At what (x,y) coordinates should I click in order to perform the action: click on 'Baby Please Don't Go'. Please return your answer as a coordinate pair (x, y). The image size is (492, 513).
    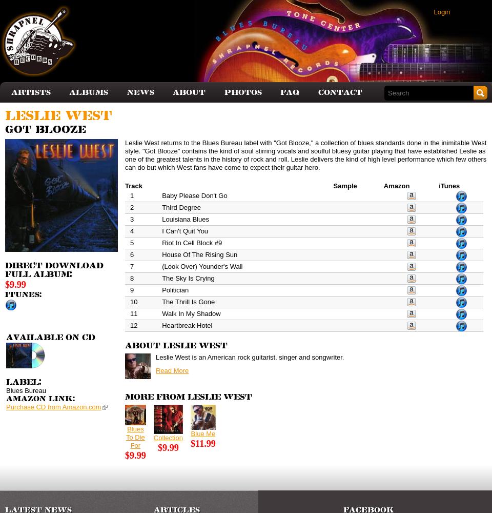
    Looking at the image, I should click on (194, 195).